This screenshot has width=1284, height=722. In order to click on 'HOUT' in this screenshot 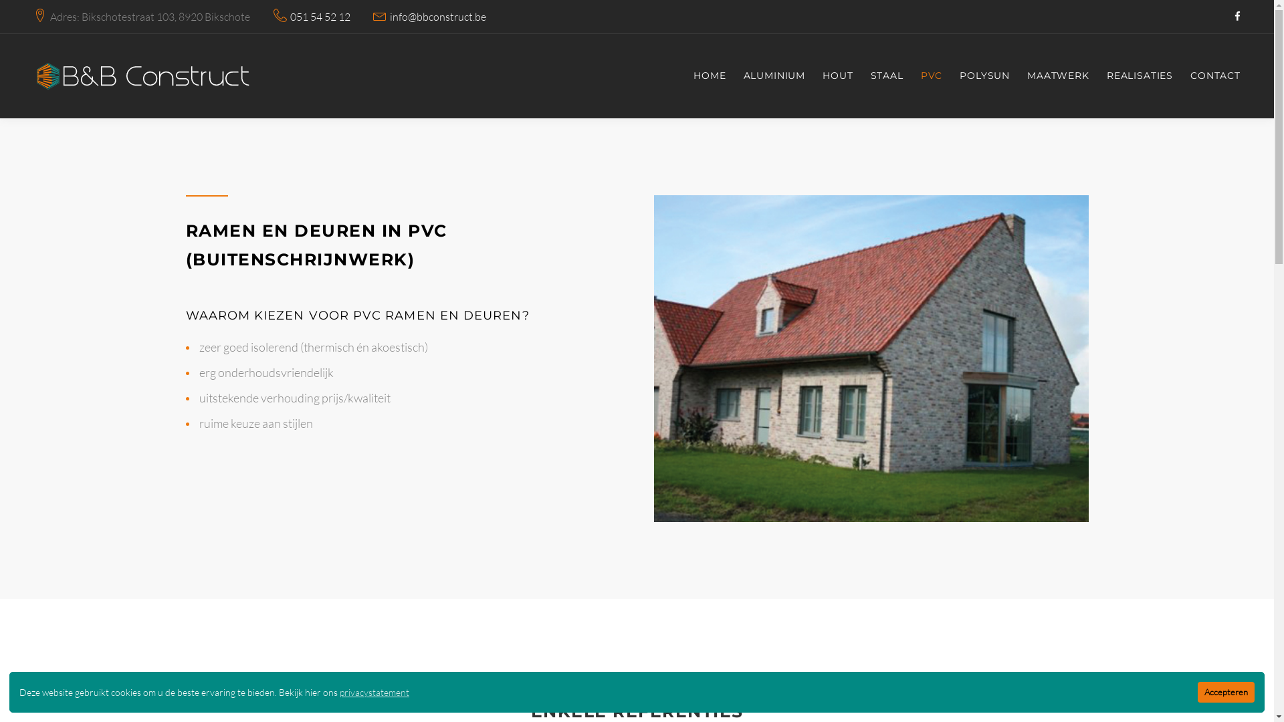, I will do `click(837, 76)`.